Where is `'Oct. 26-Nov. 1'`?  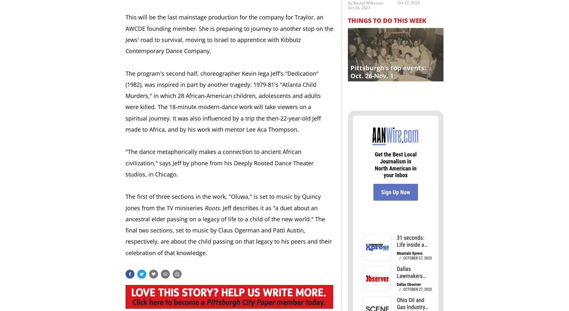 'Oct. 26-Nov. 1' is located at coordinates (350, 75).